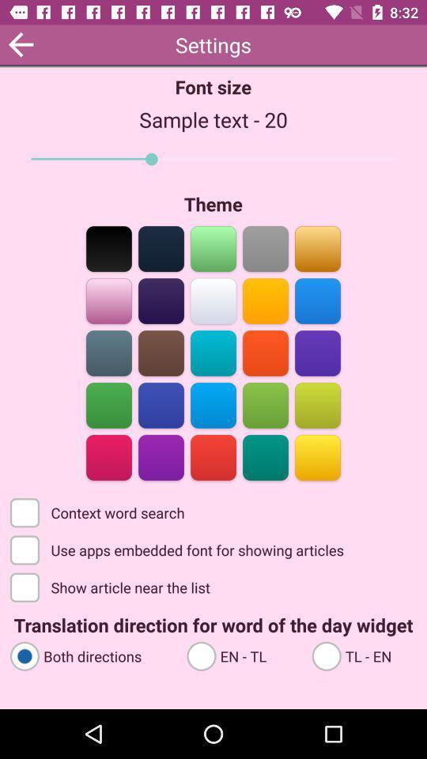 The height and width of the screenshot is (759, 427). Describe the element at coordinates (99, 511) in the screenshot. I see `the context word search checkbox` at that location.